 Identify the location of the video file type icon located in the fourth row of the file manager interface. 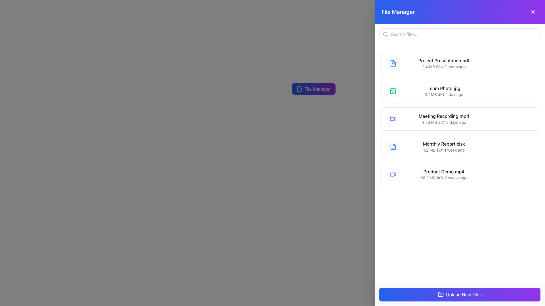
(393, 174).